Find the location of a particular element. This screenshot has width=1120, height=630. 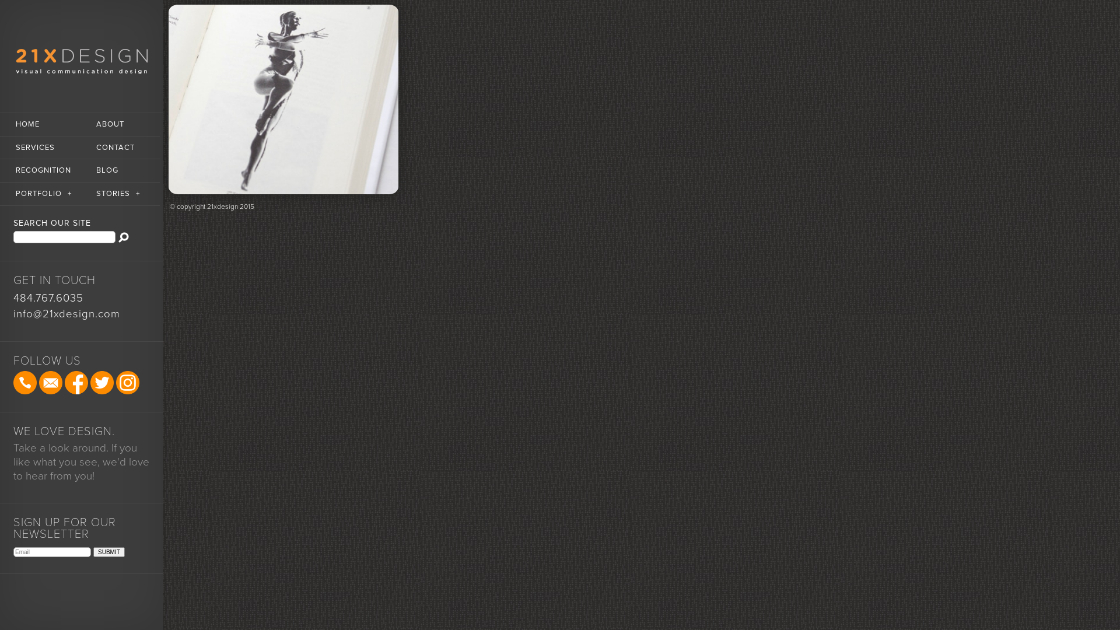

'RECOGNITION' is located at coordinates (40, 171).